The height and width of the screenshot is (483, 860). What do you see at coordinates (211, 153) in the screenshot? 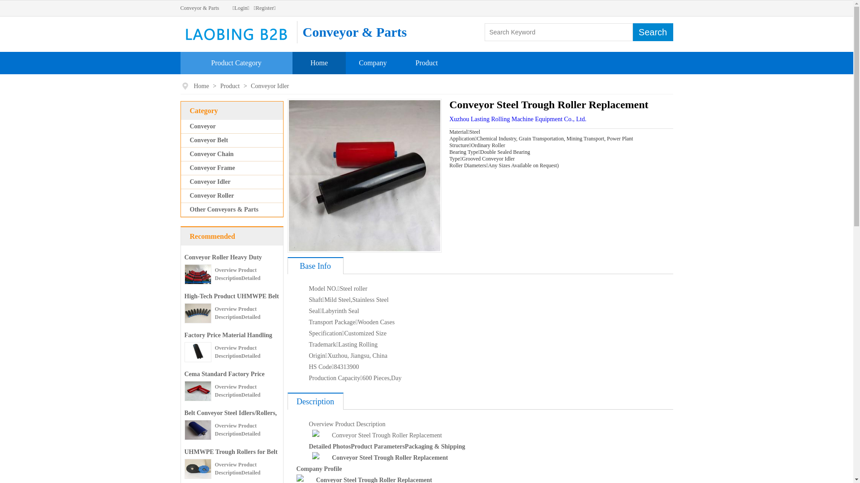
I see `'Conveyor Chain'` at bounding box center [211, 153].